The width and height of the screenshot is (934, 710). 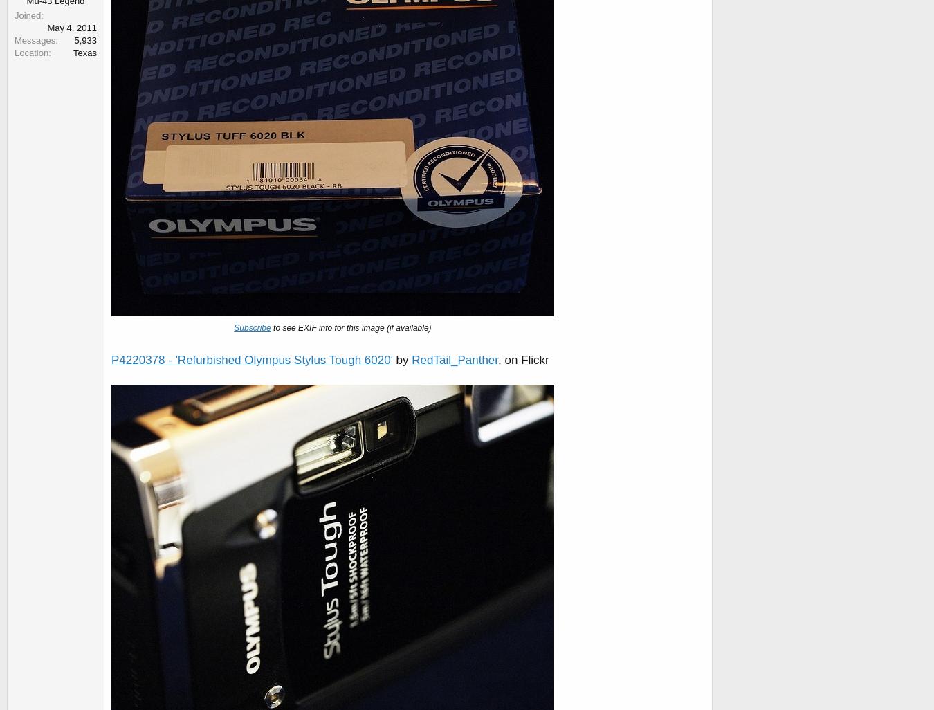 I want to click on 'P4220378 - 'Refurbished Olympus Stylus Tough 6020'', so click(x=251, y=359).